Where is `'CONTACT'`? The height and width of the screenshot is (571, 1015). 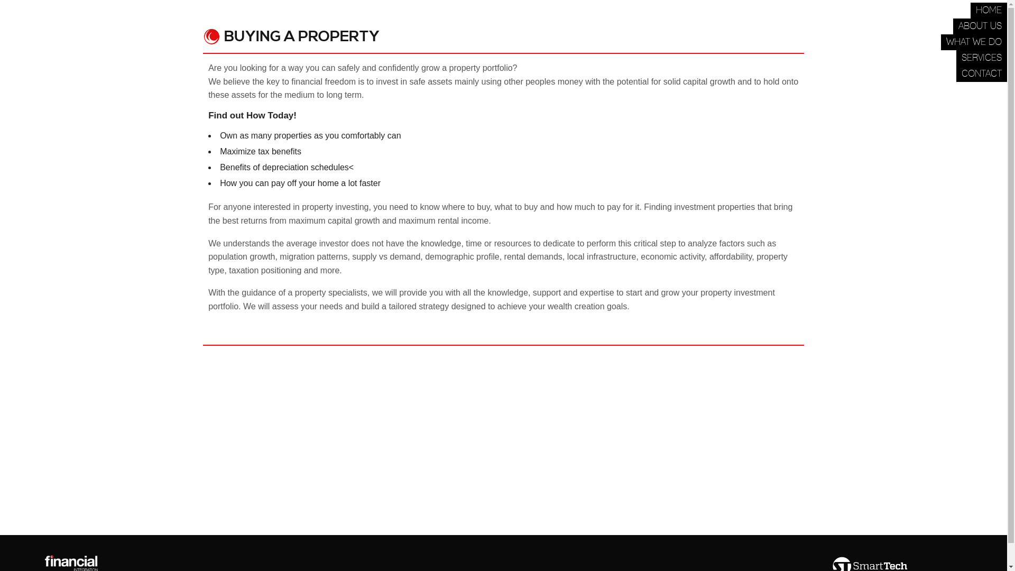
'CONTACT' is located at coordinates (981, 73).